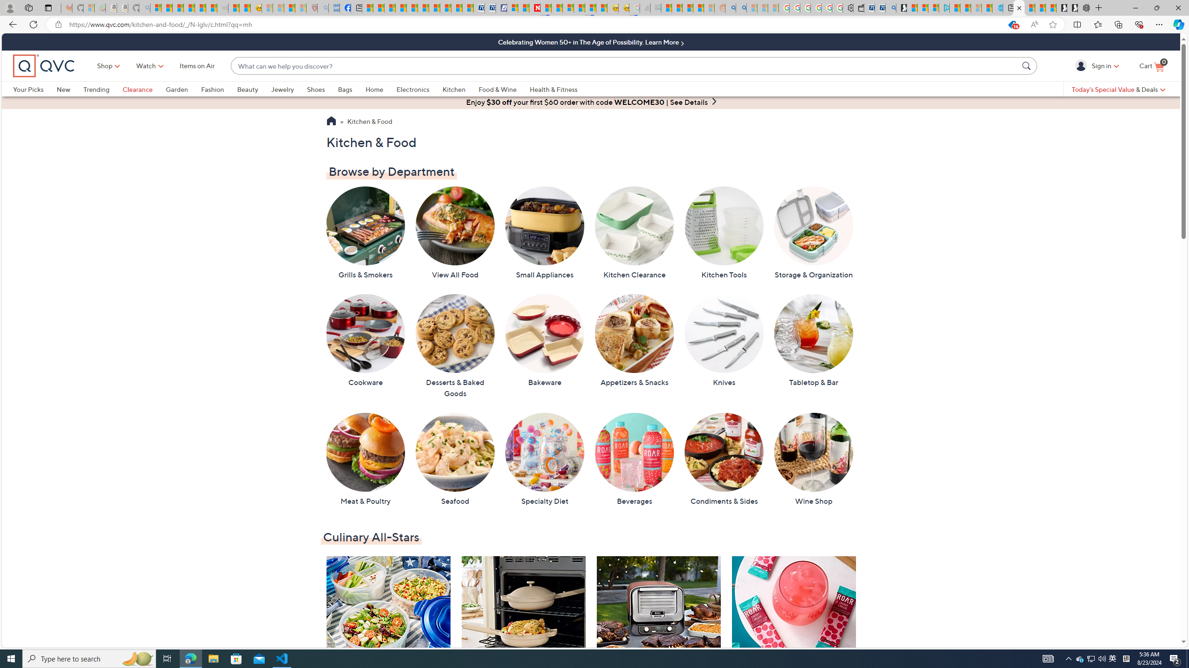  I want to click on 'Search Submit', so click(1028, 65).